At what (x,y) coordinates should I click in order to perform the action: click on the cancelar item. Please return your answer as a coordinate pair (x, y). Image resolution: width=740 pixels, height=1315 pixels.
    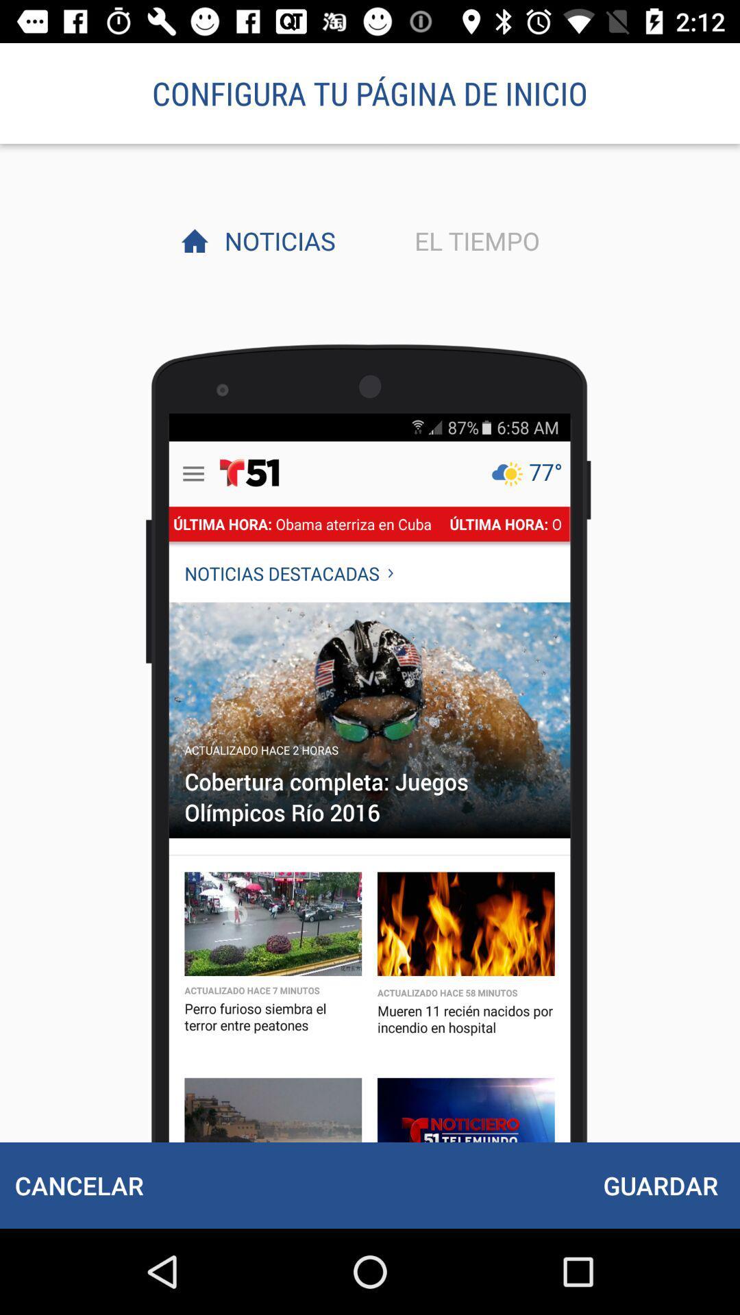
    Looking at the image, I should click on (79, 1185).